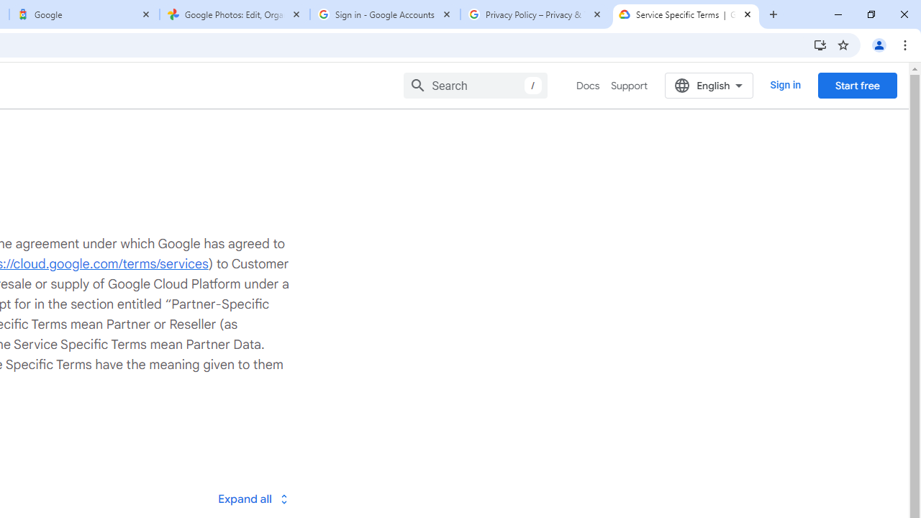 This screenshot has height=518, width=921. What do you see at coordinates (629, 86) in the screenshot?
I see `'Support'` at bounding box center [629, 86].